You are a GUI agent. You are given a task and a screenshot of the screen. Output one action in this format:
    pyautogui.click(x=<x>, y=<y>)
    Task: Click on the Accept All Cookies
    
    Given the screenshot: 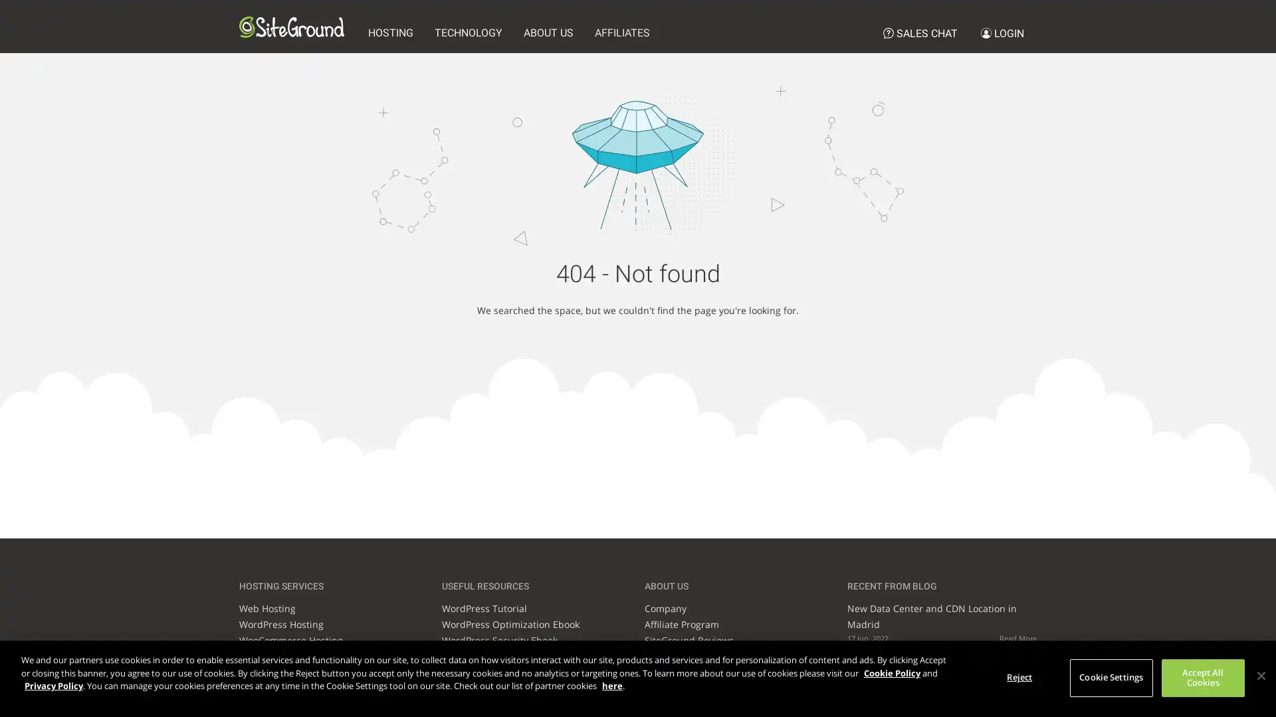 What is the action you would take?
    pyautogui.click(x=1202, y=677)
    